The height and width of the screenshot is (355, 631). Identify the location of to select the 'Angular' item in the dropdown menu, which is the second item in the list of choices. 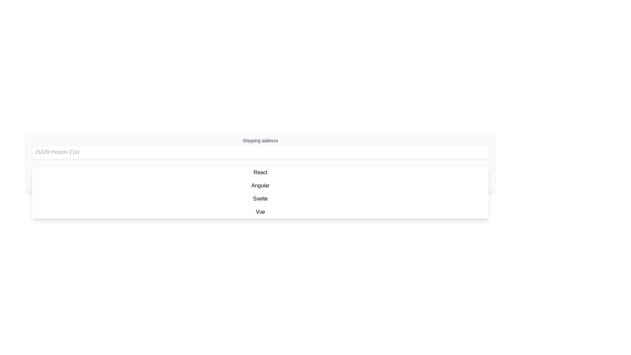
(260, 185).